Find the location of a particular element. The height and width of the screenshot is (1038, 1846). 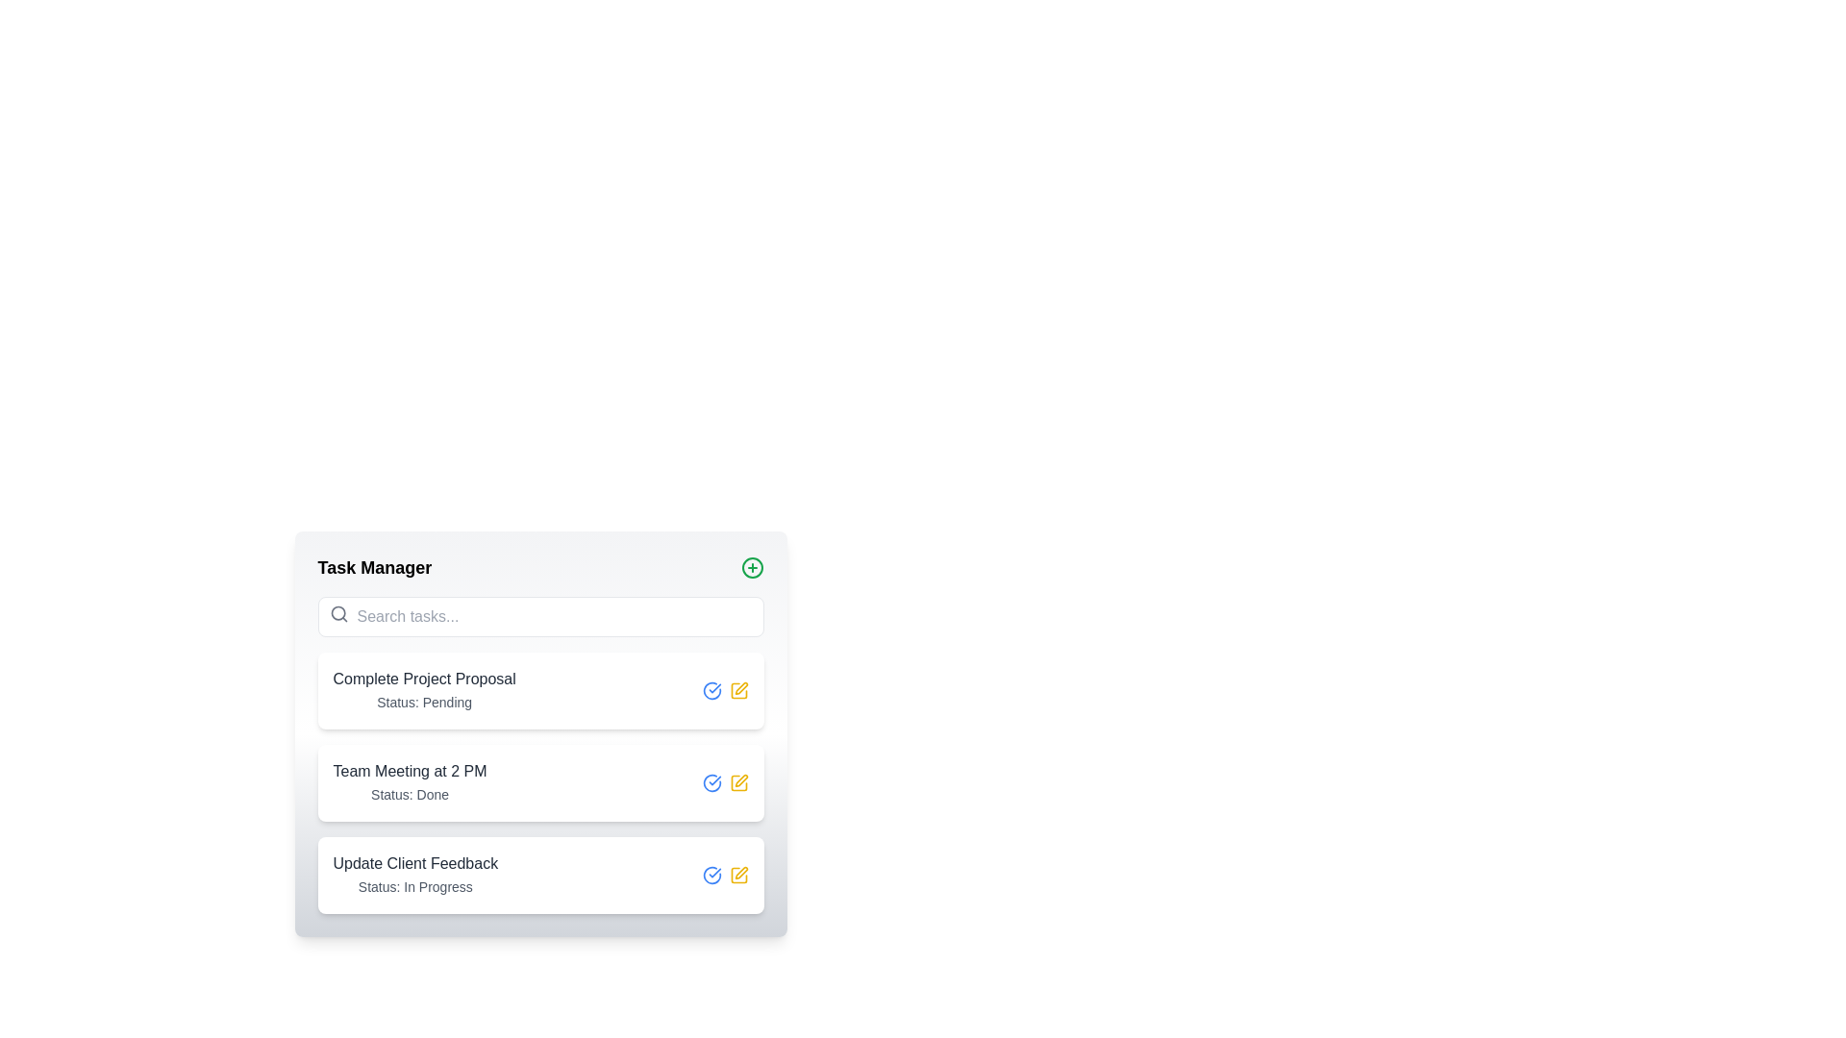

the group of action icons consisting of a blue circular checkmark and a yellow square pen, located in the 'Team Meeting at 2 PM' task entry is located at coordinates (724, 782).